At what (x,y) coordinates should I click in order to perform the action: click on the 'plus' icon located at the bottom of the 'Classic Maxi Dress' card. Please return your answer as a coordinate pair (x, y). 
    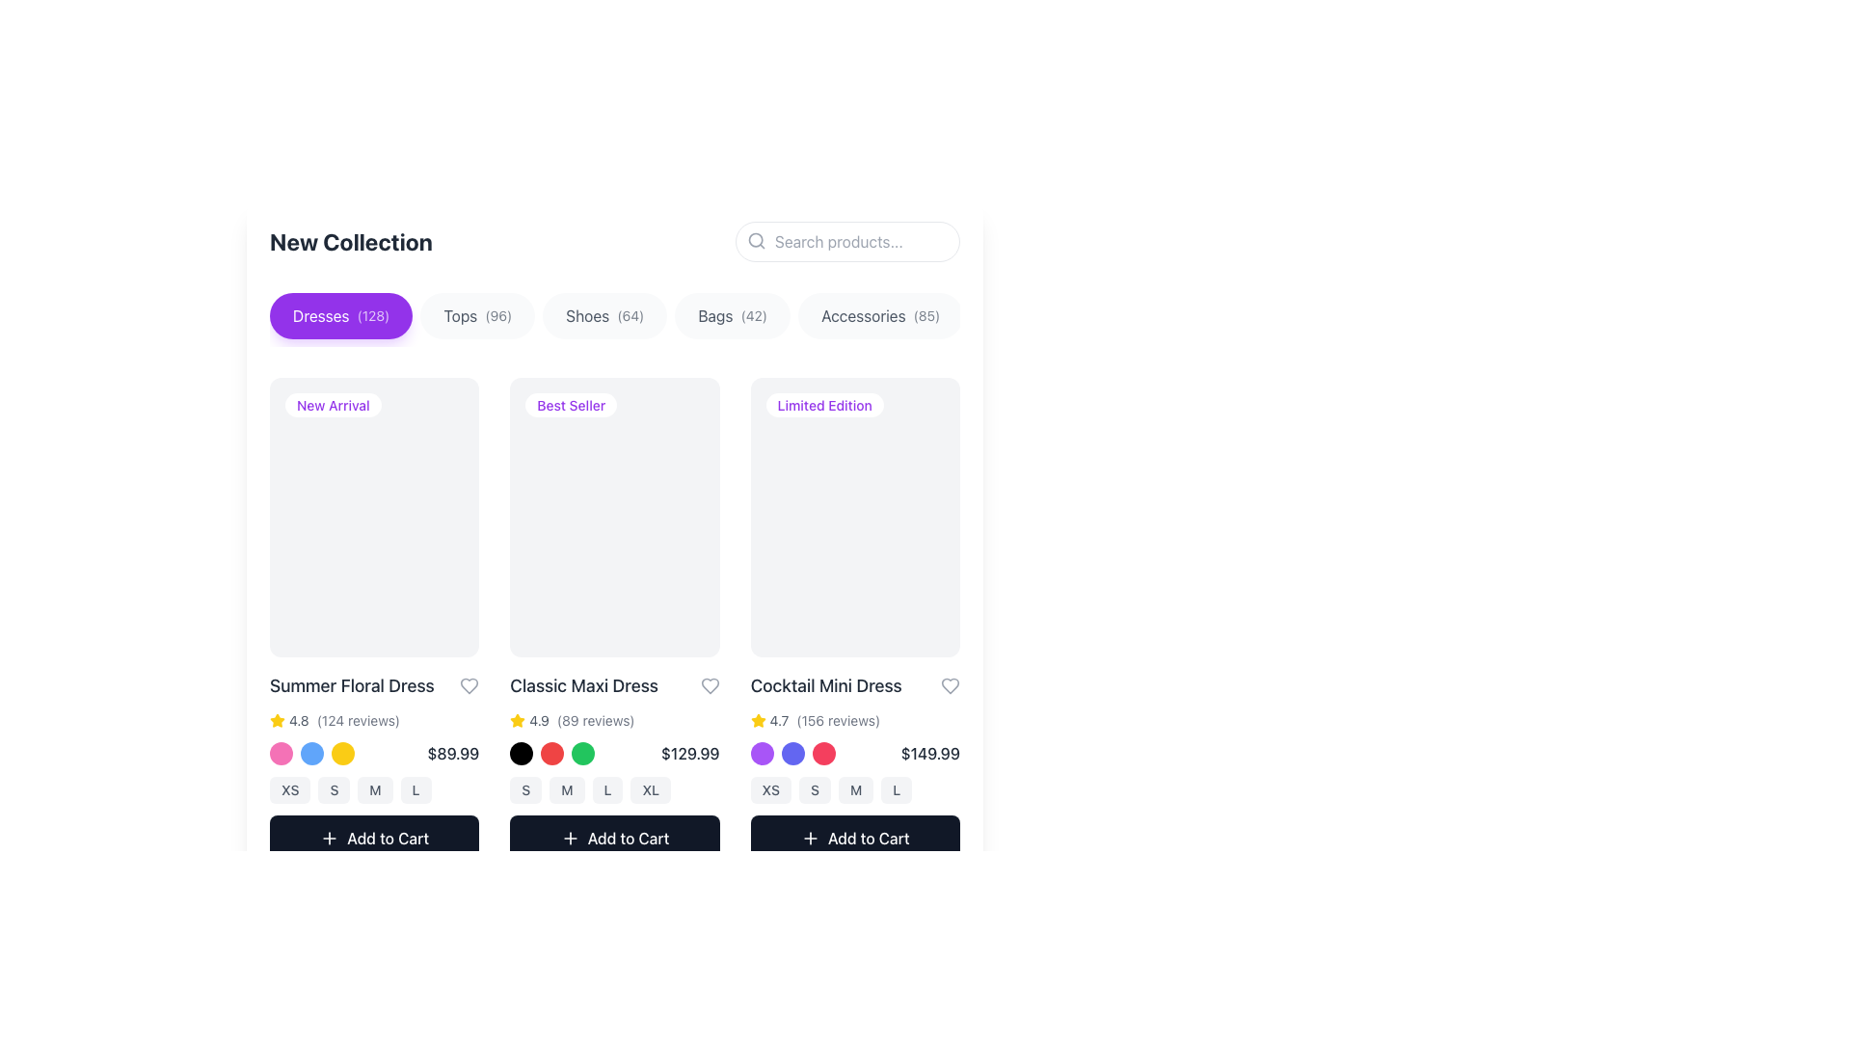
    Looking at the image, I should click on (569, 837).